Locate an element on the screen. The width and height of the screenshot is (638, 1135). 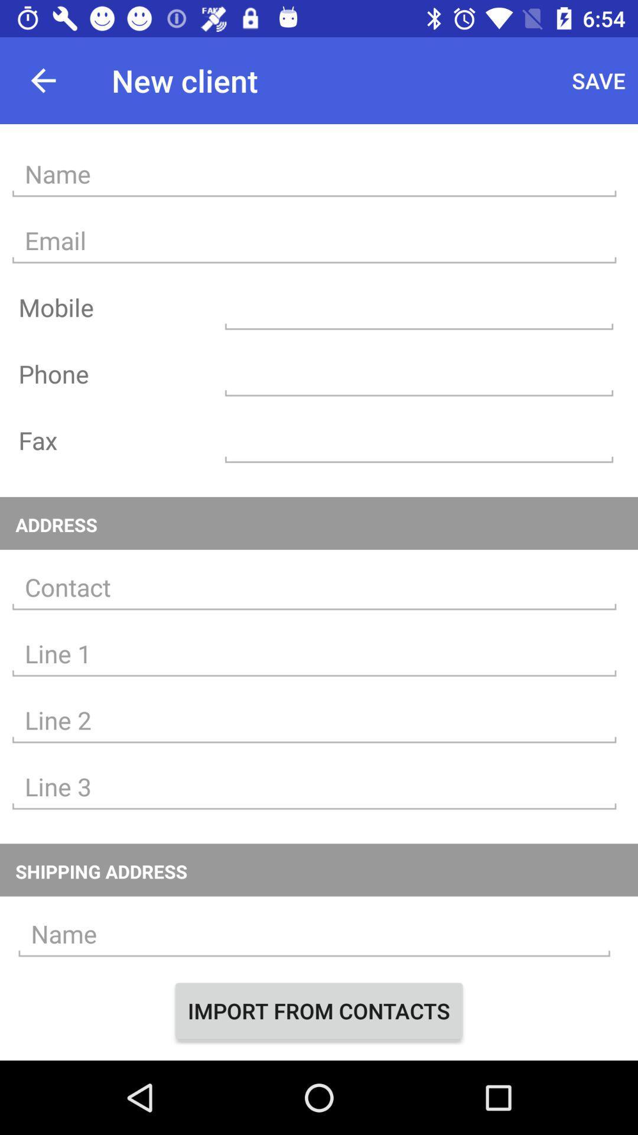
input information is located at coordinates (314, 787).